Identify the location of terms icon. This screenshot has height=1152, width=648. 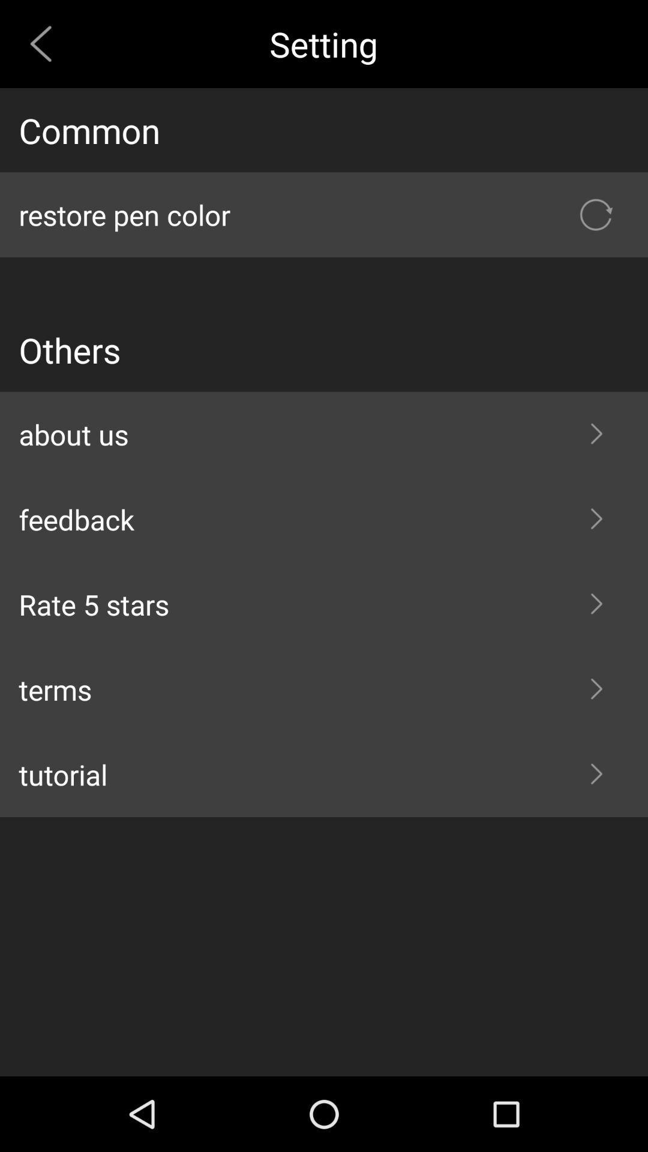
(324, 689).